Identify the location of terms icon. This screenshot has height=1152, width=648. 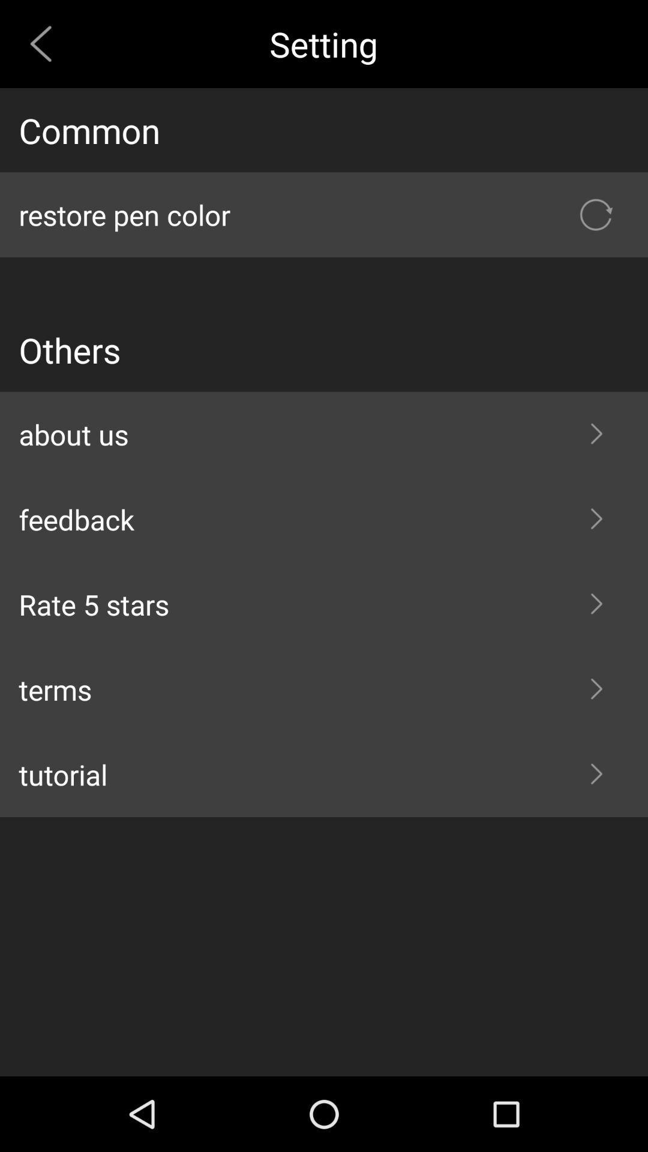
(324, 689).